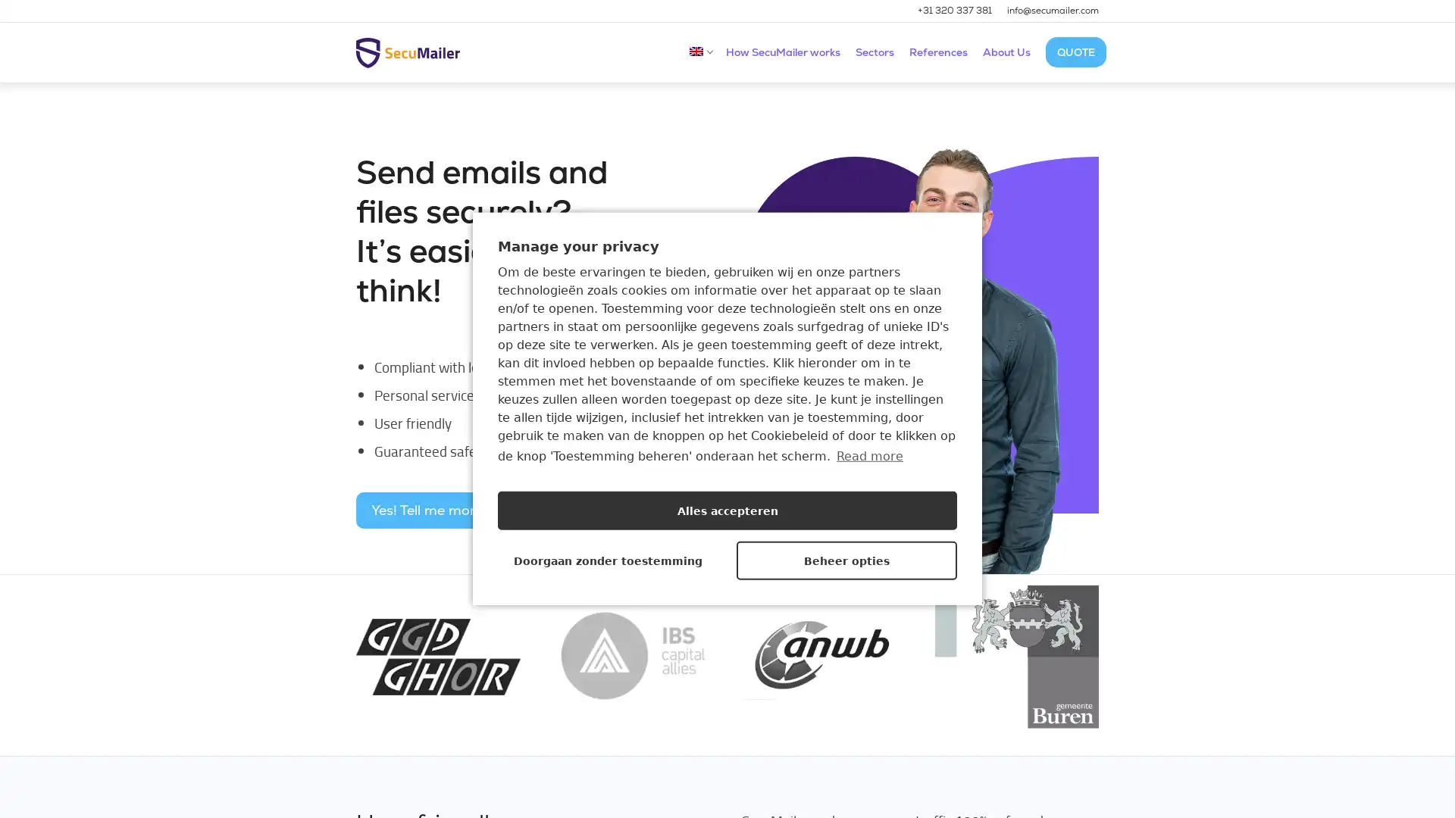 The width and height of the screenshot is (1455, 818). Describe the element at coordinates (727, 510) in the screenshot. I see `Alles accepteren` at that location.